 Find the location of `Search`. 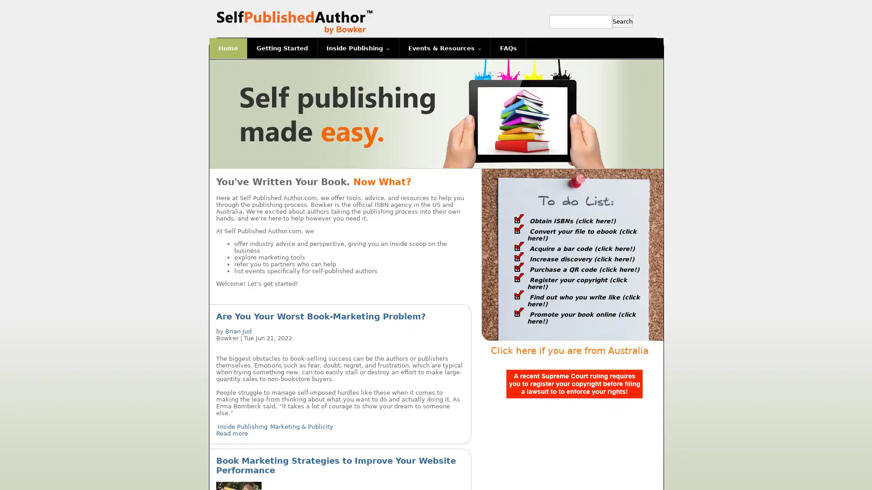

Search is located at coordinates (622, 20).